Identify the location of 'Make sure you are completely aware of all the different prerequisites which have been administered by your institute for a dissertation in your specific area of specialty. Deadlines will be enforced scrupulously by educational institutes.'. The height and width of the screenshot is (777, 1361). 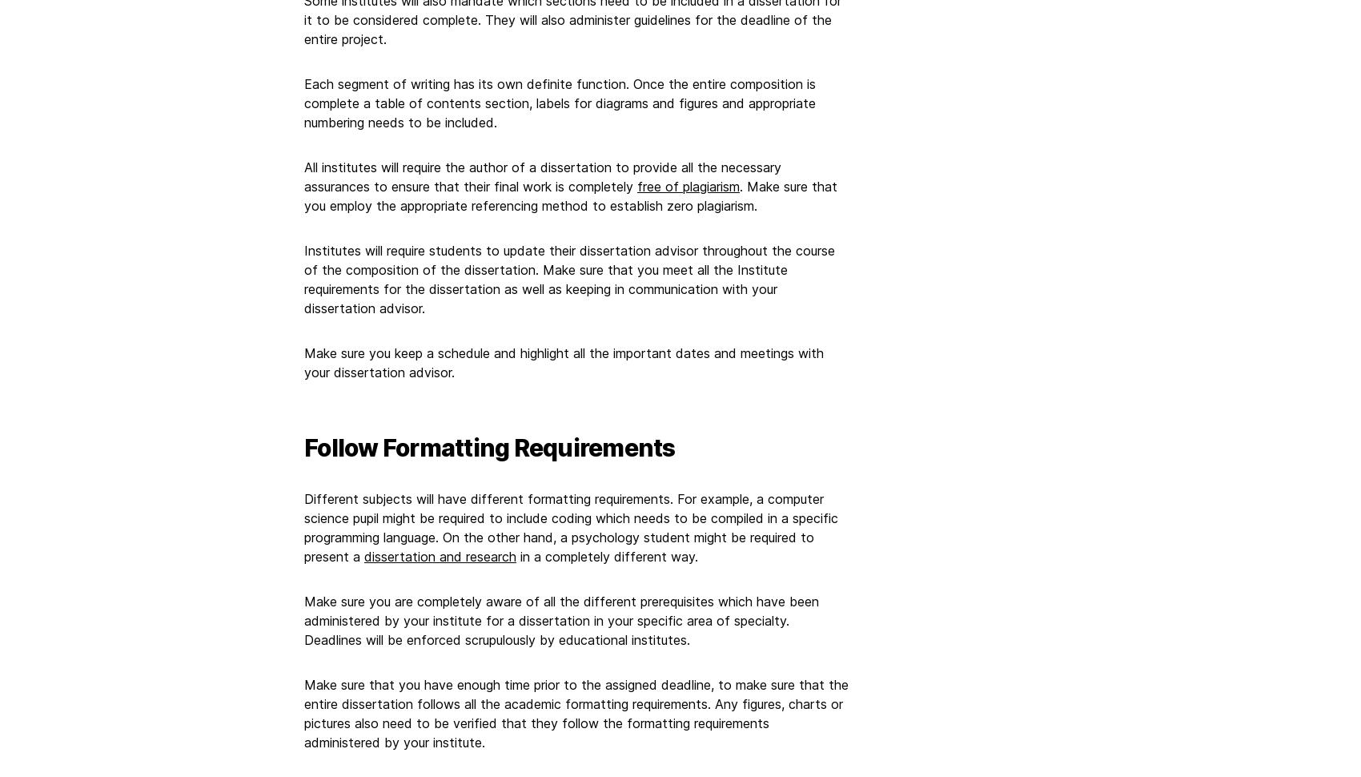
(561, 618).